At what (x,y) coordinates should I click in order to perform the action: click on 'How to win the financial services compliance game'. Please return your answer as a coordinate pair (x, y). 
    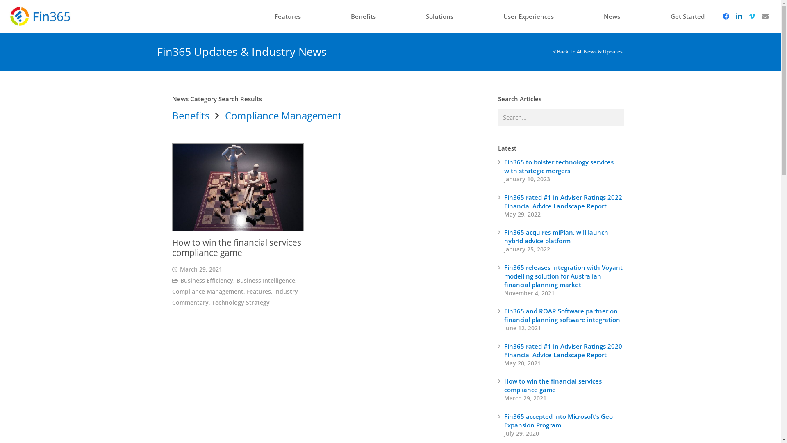
    Looking at the image, I should click on (236, 247).